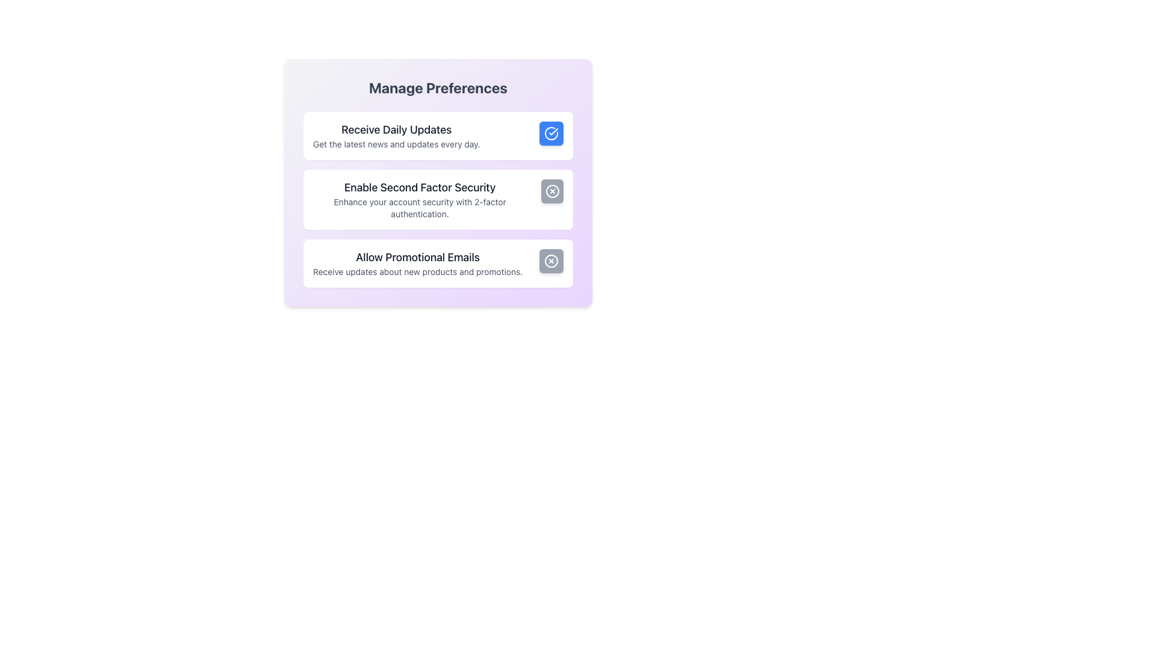  I want to click on the bold text label displaying 'Enable Second Factor Security', which is centrally located in the 'Manage Preferences' panel, so click(420, 188).